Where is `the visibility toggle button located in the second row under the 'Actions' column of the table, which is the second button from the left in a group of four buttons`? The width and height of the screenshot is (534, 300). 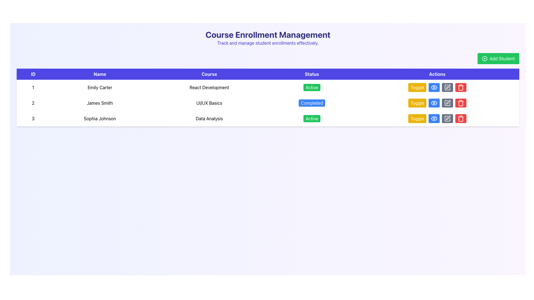
the visibility toggle button located in the second row under the 'Actions' column of the table, which is the second button from the left in a group of four buttons is located at coordinates (437, 103).